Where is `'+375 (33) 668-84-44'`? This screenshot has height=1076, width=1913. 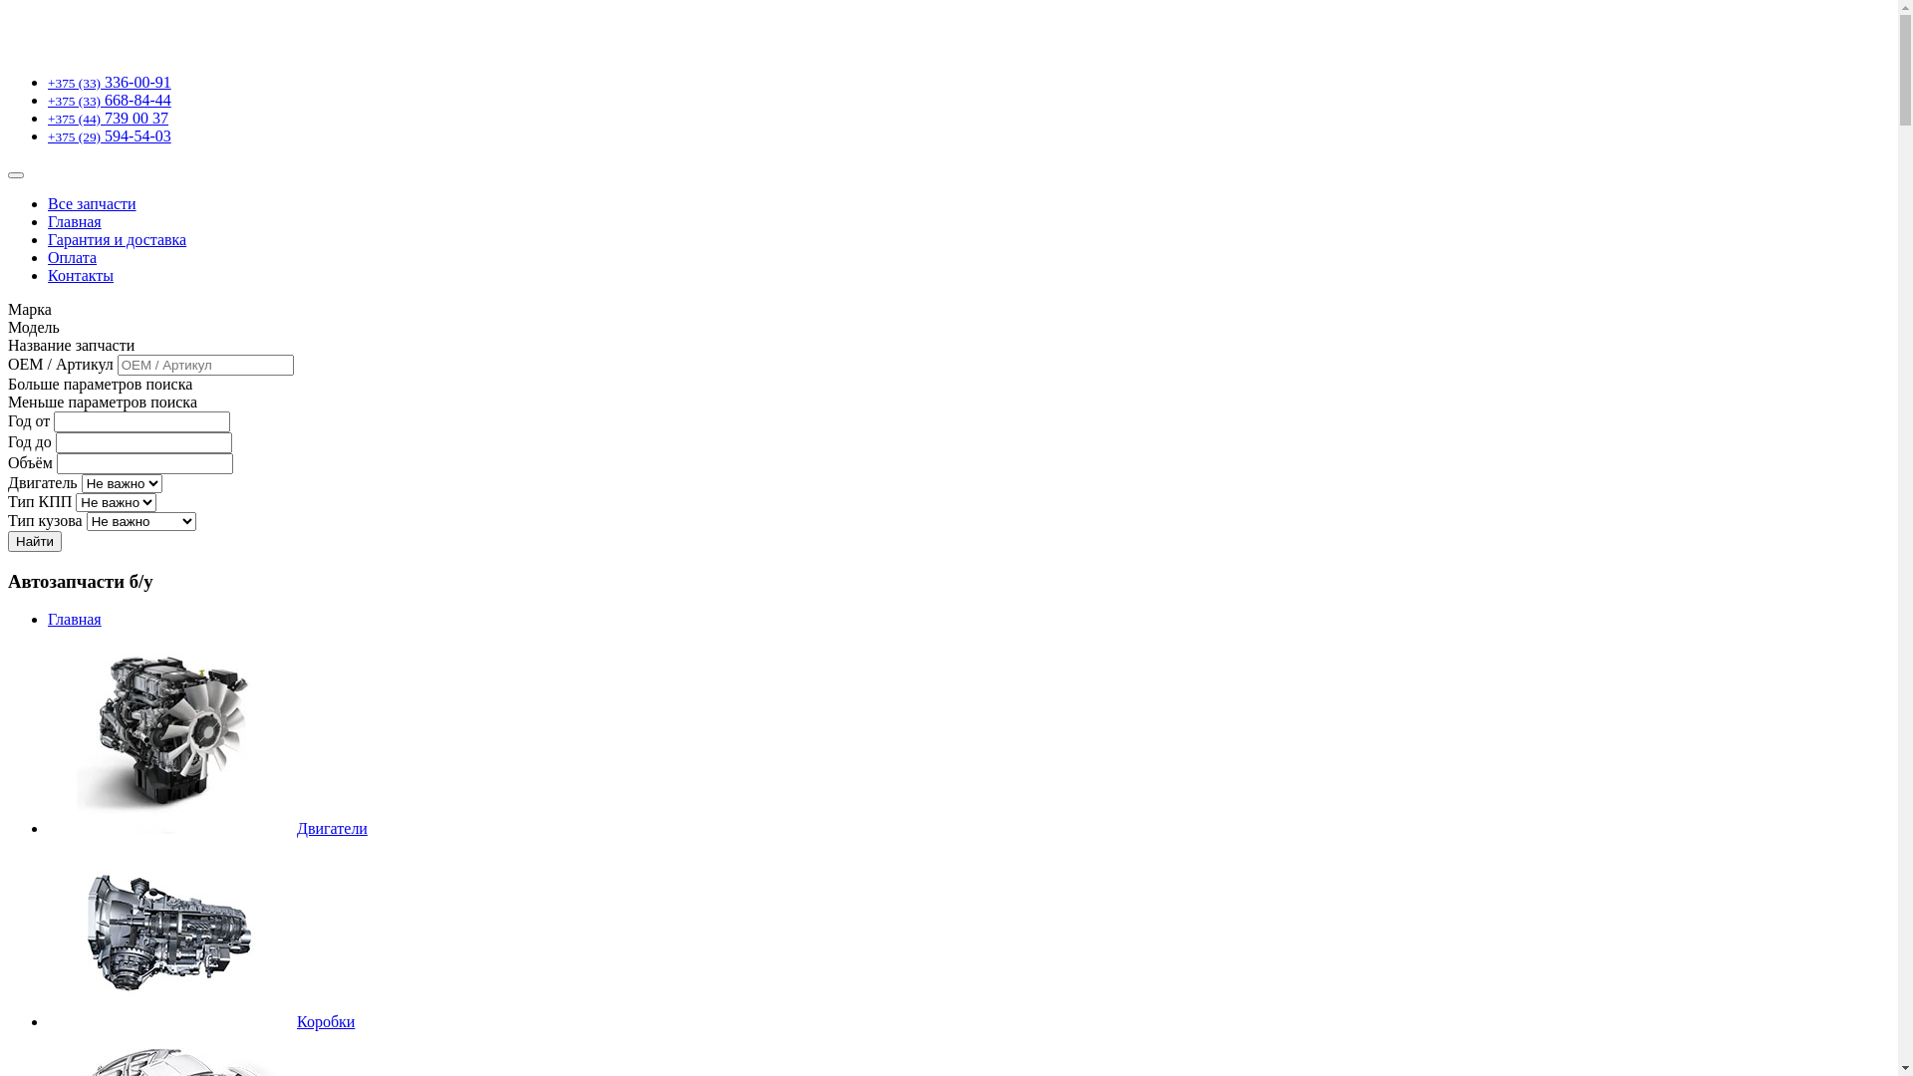
'+375 (33) 668-84-44' is located at coordinates (109, 100).